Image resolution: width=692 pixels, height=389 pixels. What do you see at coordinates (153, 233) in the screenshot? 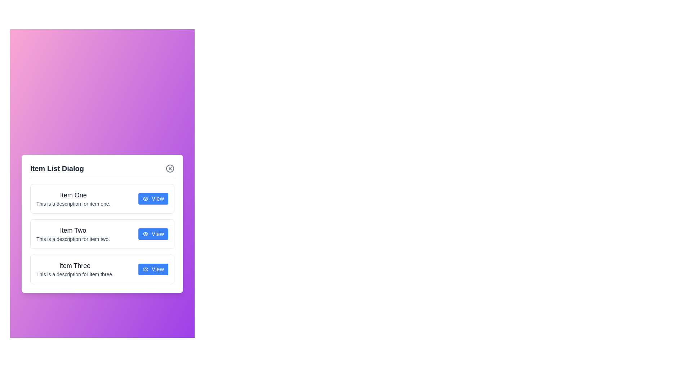
I see `the 'View' button for item Item Two` at bounding box center [153, 233].